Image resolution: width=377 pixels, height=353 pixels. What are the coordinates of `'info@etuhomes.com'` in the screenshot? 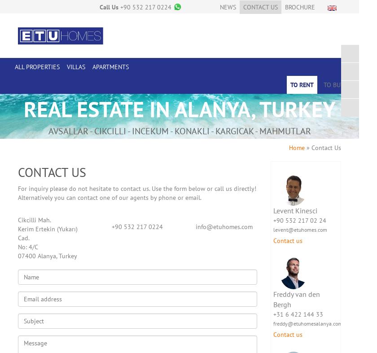 It's located at (224, 225).